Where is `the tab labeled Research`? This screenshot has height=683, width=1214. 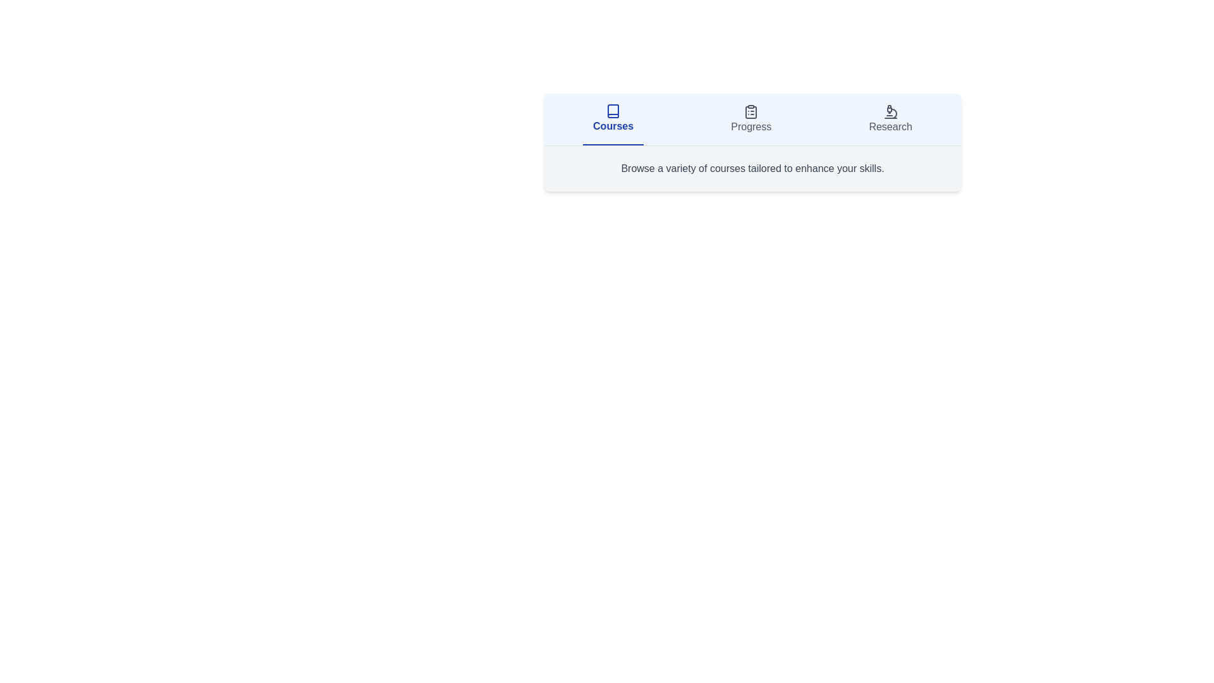 the tab labeled Research is located at coordinates (889, 120).